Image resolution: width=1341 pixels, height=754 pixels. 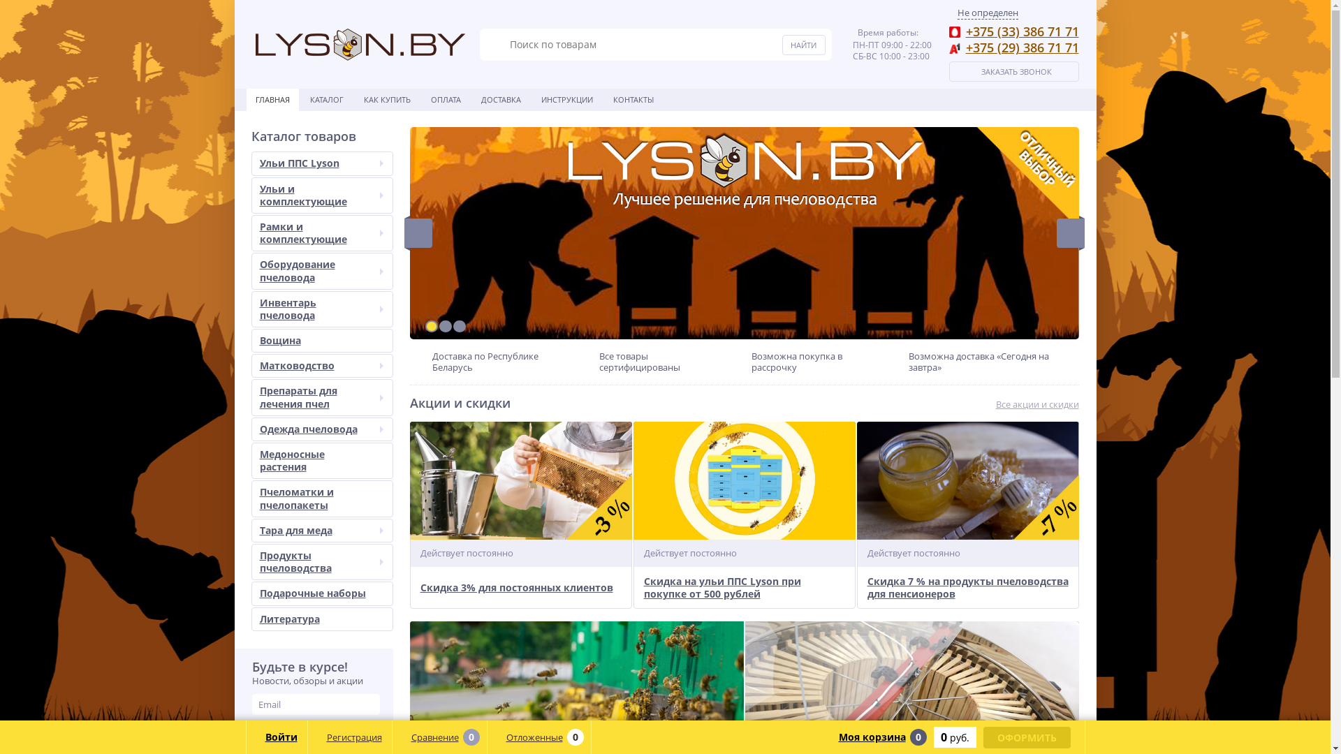 I want to click on '3', so click(x=459, y=326).